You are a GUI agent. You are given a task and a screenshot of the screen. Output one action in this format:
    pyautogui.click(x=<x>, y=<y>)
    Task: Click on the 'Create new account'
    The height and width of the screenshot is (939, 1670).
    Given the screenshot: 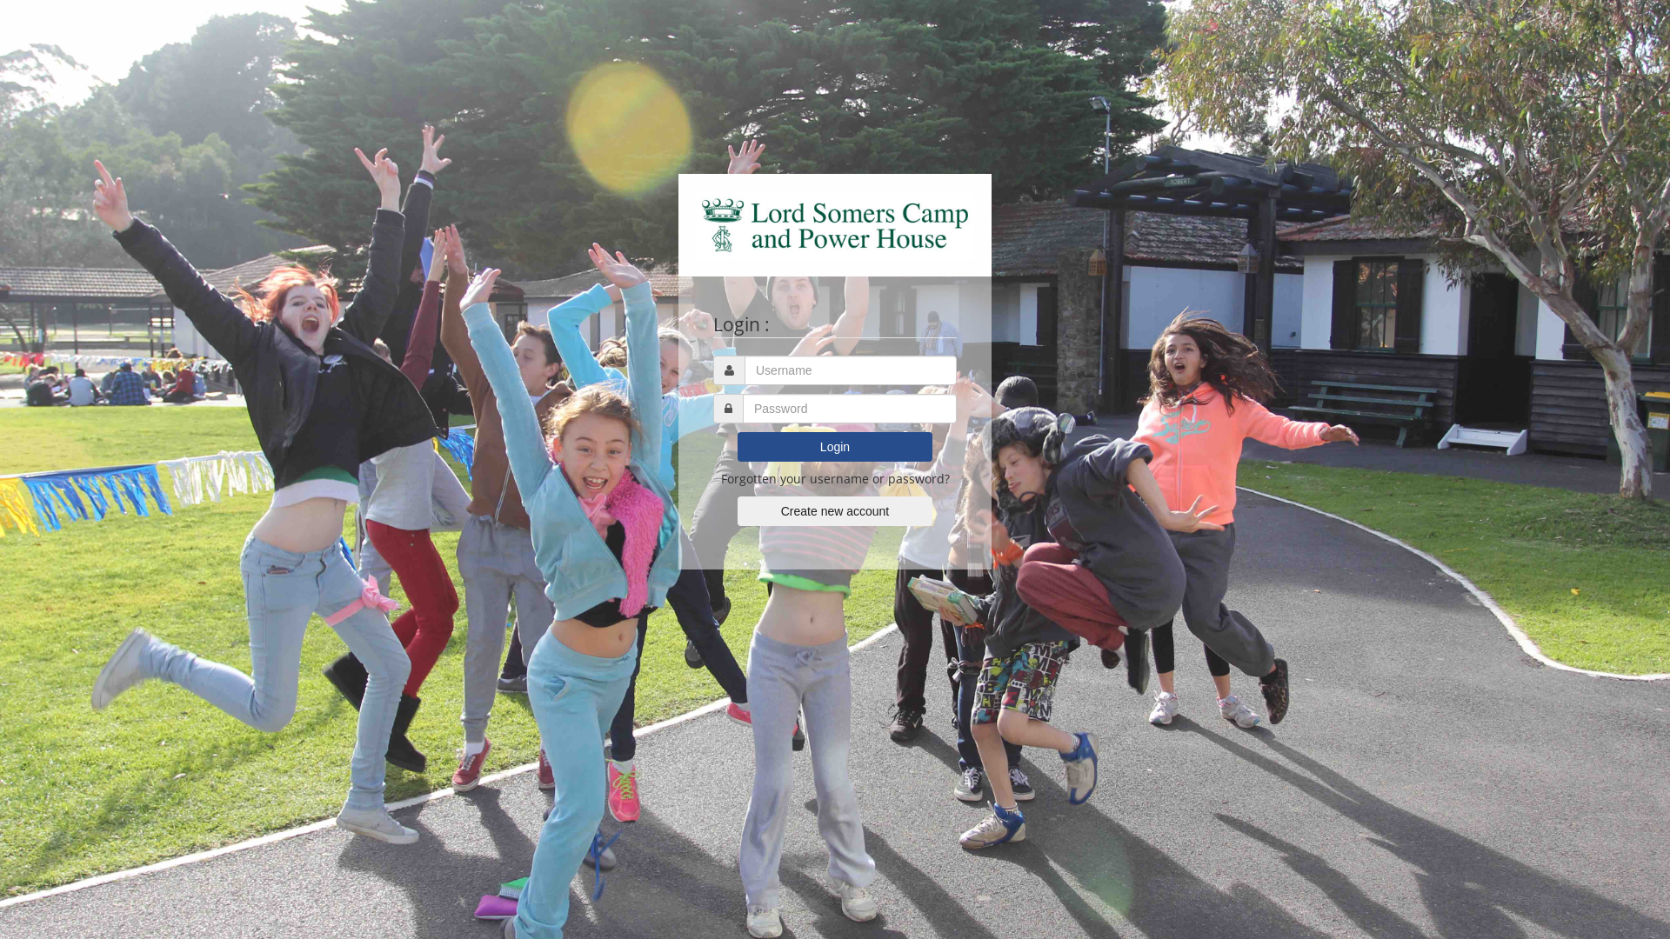 What is the action you would take?
    pyautogui.click(x=835, y=509)
    